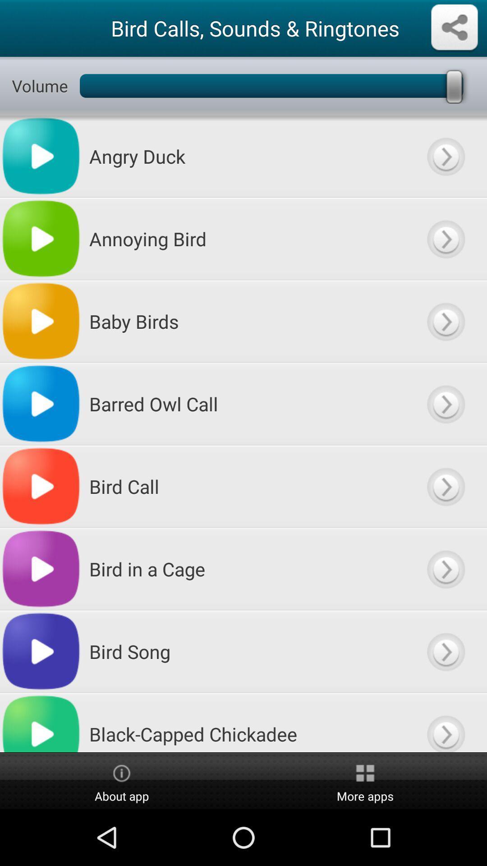  What do you see at coordinates (454, 28) in the screenshot?
I see `share button` at bounding box center [454, 28].